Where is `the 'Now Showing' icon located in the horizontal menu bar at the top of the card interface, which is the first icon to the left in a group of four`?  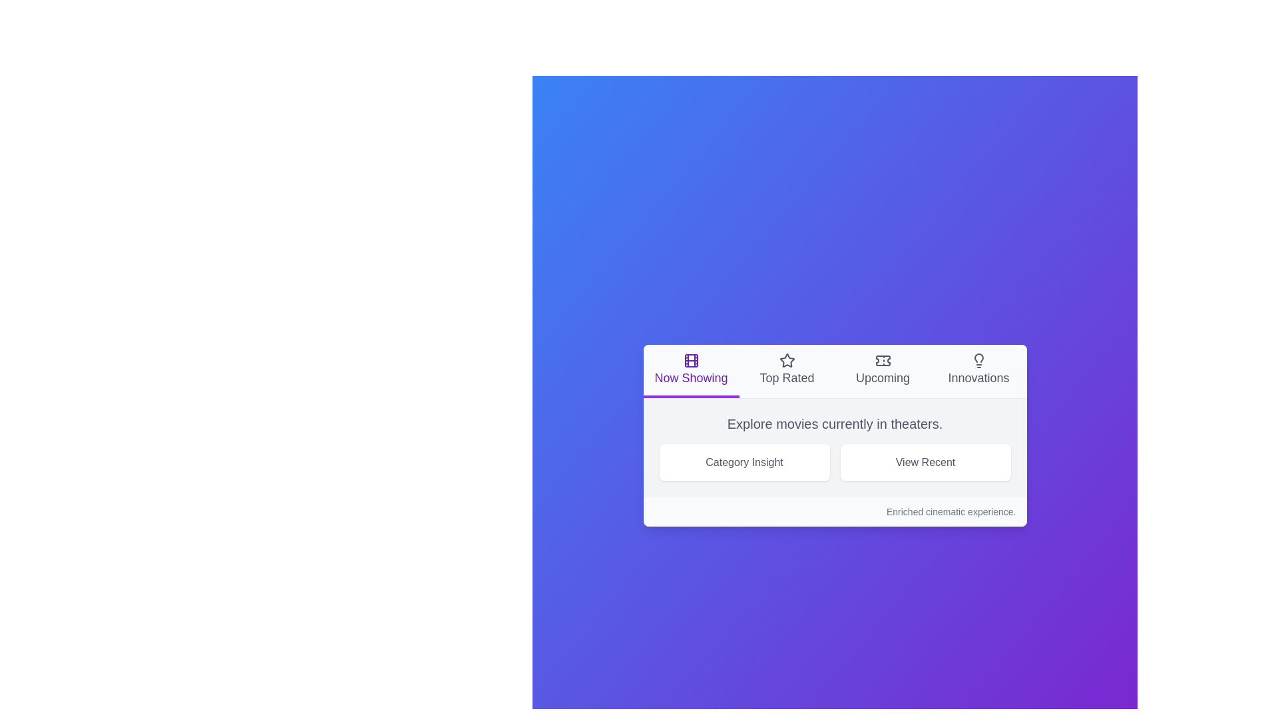 the 'Now Showing' icon located in the horizontal menu bar at the top of the card interface, which is the first icon to the left in a group of four is located at coordinates (691, 360).